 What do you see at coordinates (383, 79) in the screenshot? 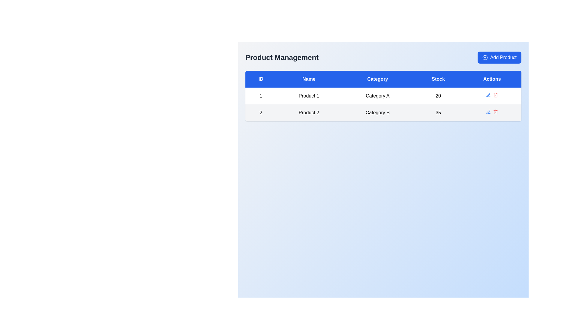
I see `the header cell labeled 'Category' in the Product Management table, which has a blue background and white text, positioned between the 'Name' and 'Stock' headers` at bounding box center [383, 79].